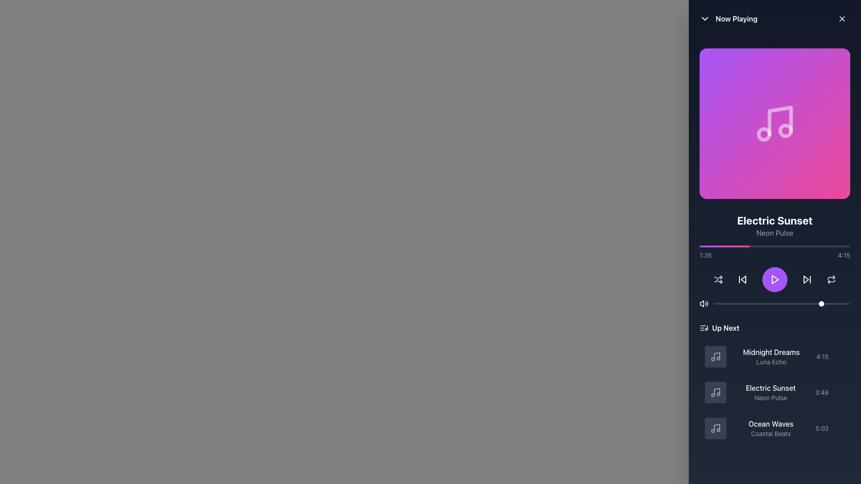 The width and height of the screenshot is (861, 484). What do you see at coordinates (774, 383) in the screenshot?
I see `on the second entry in the 'Up Next' section of the upcoming playlist, which is positioned between 'Midnight Dreams' and 'Ocean Waves'` at bounding box center [774, 383].